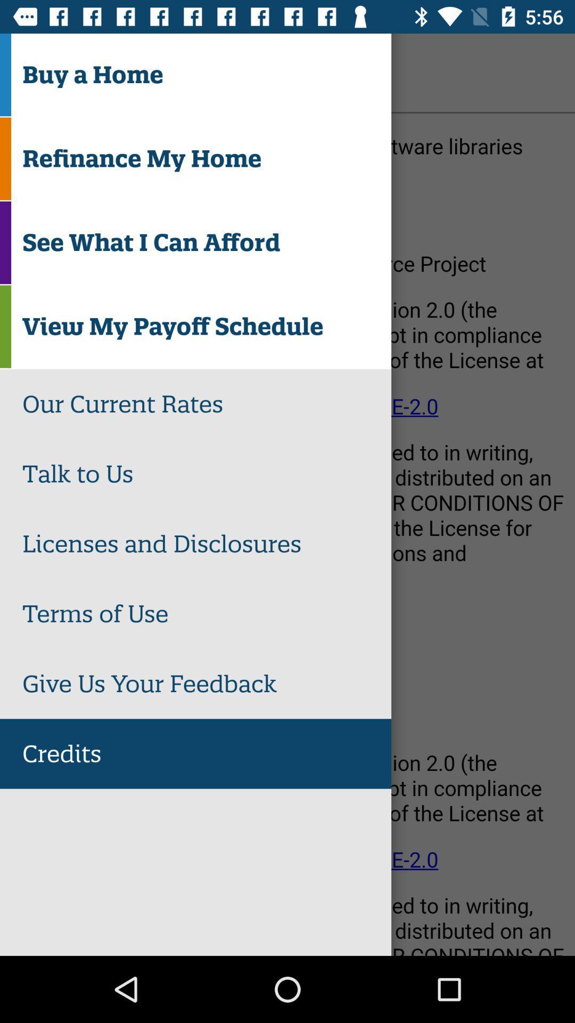 This screenshot has height=1023, width=575. Describe the element at coordinates (207, 544) in the screenshot. I see `licenses and disclosures` at that location.